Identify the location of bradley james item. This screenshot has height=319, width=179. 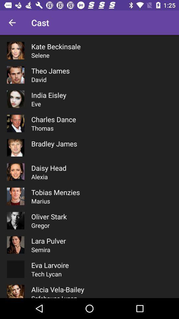
(54, 144).